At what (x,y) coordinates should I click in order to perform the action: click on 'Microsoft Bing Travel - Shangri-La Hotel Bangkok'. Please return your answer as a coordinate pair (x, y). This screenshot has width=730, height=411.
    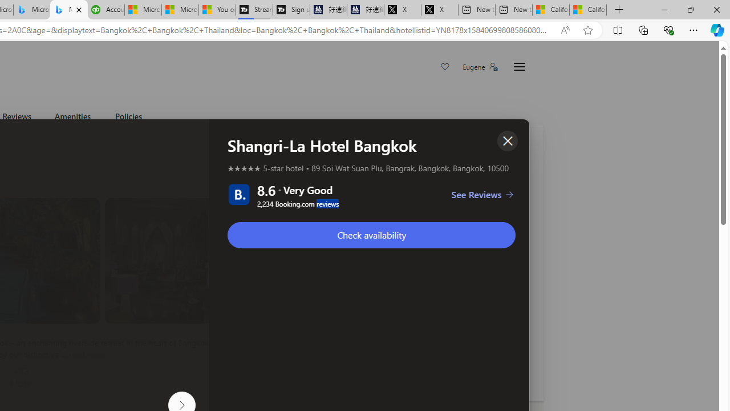
    Looking at the image, I should click on (68, 10).